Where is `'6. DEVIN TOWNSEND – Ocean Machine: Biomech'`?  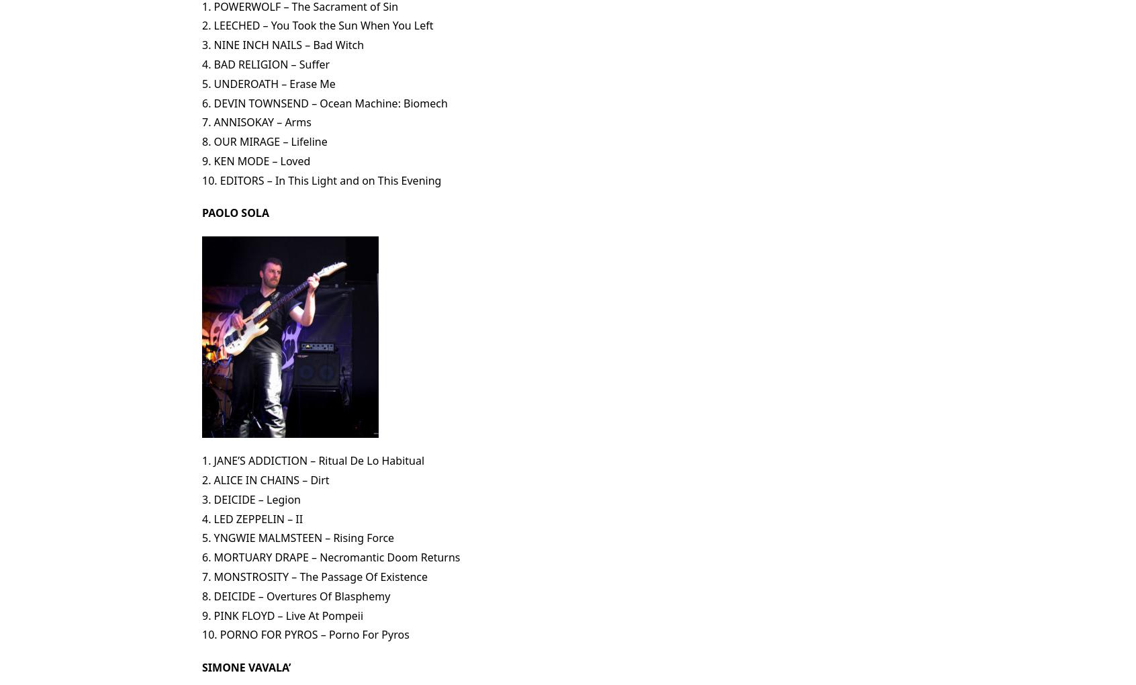
'6. DEVIN TOWNSEND – Ocean Machine: Biomech' is located at coordinates (201, 103).